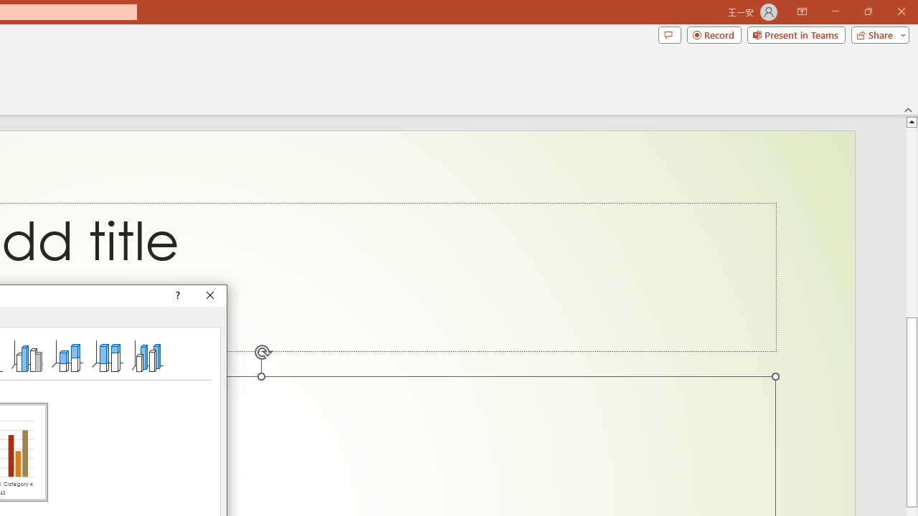 Image resolution: width=918 pixels, height=516 pixels. I want to click on '3-D Column', so click(148, 355).